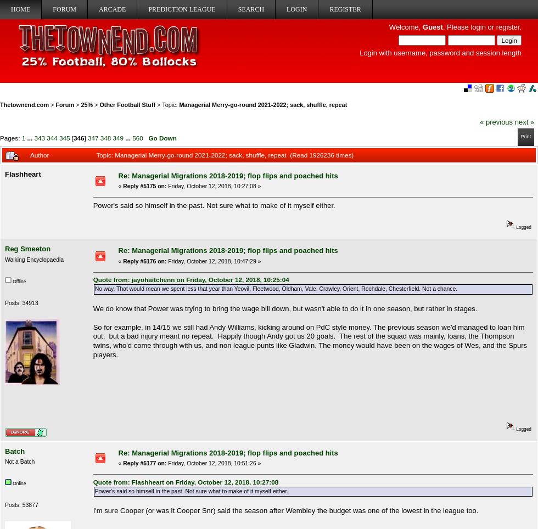 The height and width of the screenshot is (529, 538). I want to click on 'Topic: Managerial Merry-go-round 2021-2022; sack, shuffle, repeat  (Read 1926236 times)', so click(225, 155).